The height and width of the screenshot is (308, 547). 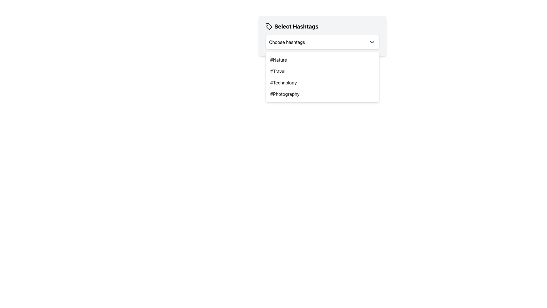 I want to click on to select the hashtag '#Nature' from the dropdown menu labeled 'Select Hashtags', which is the first item in the menu, so click(x=278, y=60).